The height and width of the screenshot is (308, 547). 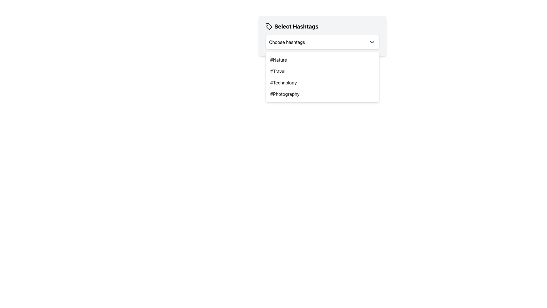 I want to click on to select the hashtag '#Nature' from the dropdown menu labeled 'Select Hashtags', which is the first item in the menu, so click(x=278, y=60).